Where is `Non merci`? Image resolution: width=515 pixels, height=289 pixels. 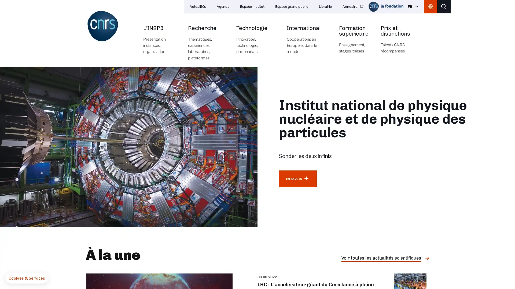
Non merci is located at coordinates (24, 262).